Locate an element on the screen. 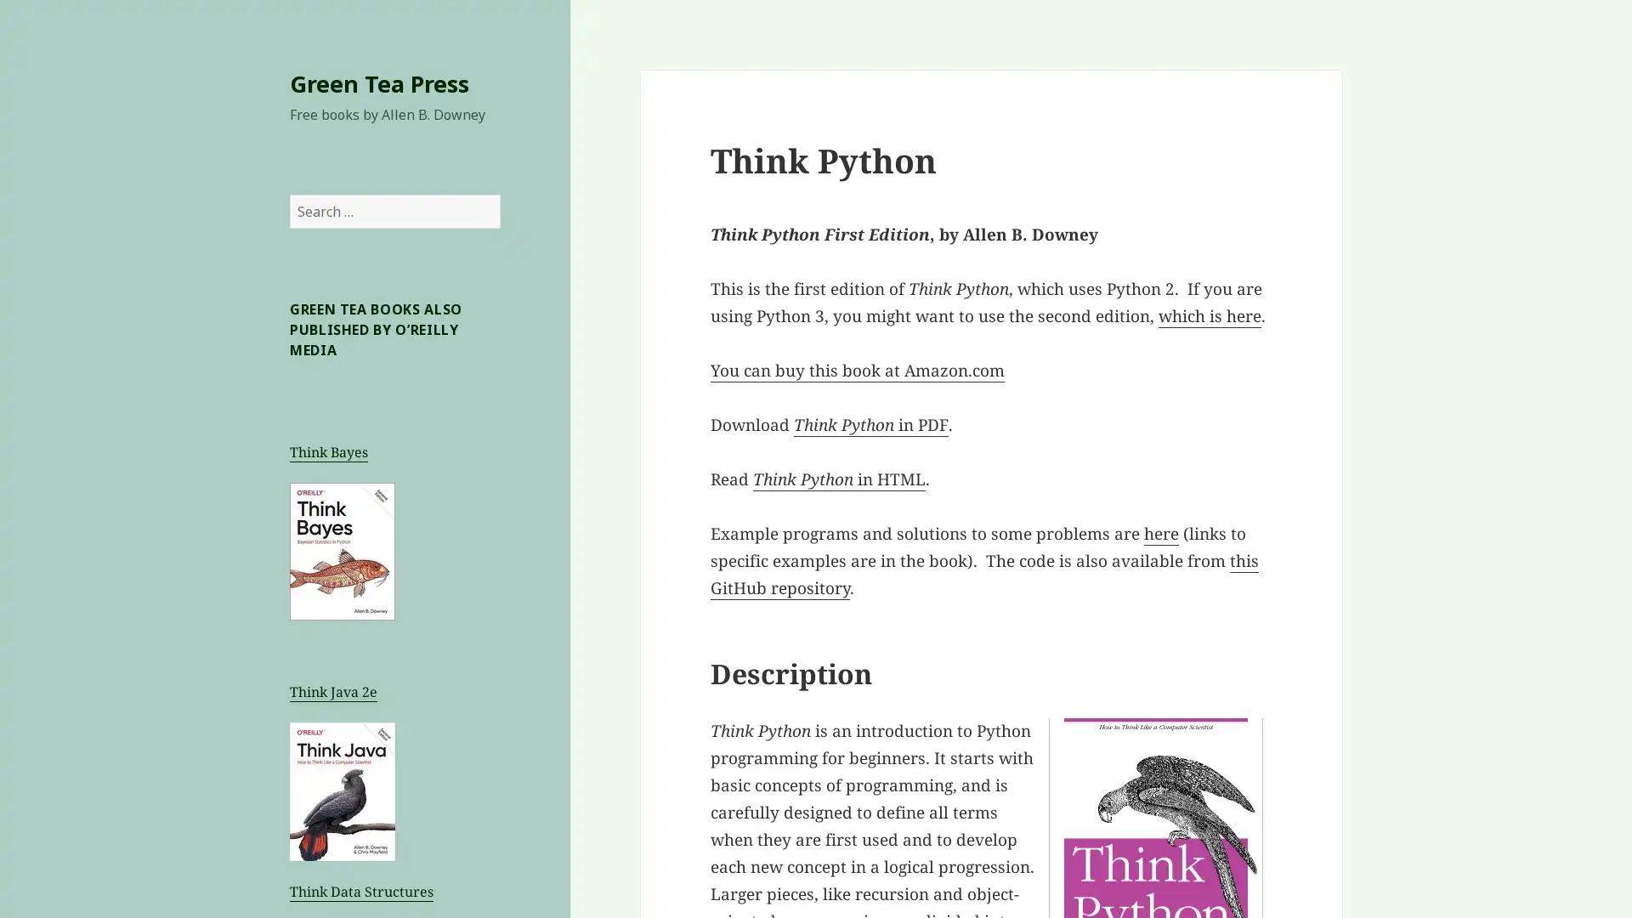 This screenshot has height=918, width=1632. Search is located at coordinates (499, 194).